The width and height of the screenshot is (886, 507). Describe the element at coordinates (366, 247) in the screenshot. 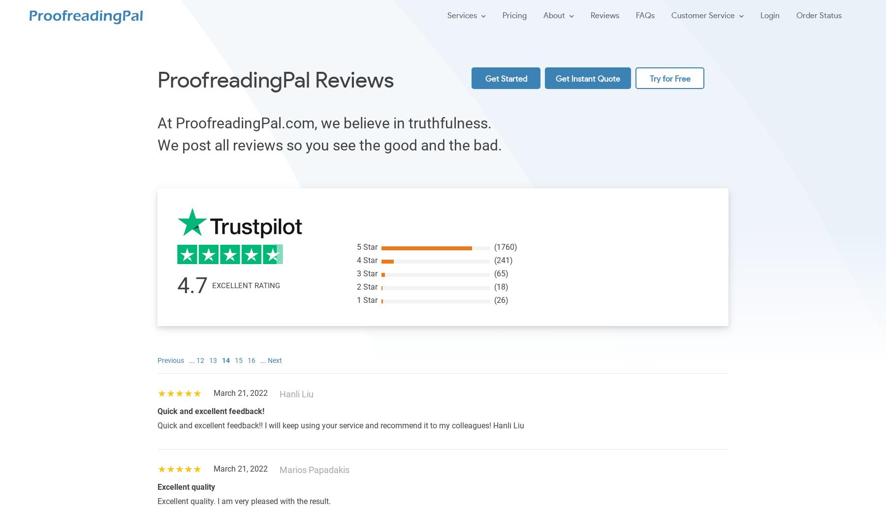

I see `'5 Star'` at that location.